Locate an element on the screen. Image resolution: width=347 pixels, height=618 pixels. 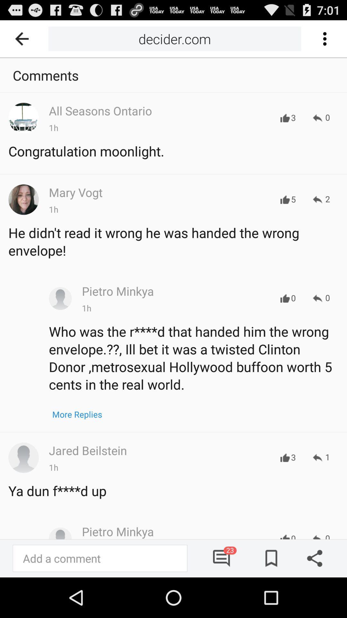
bookmark is located at coordinates (269, 558).